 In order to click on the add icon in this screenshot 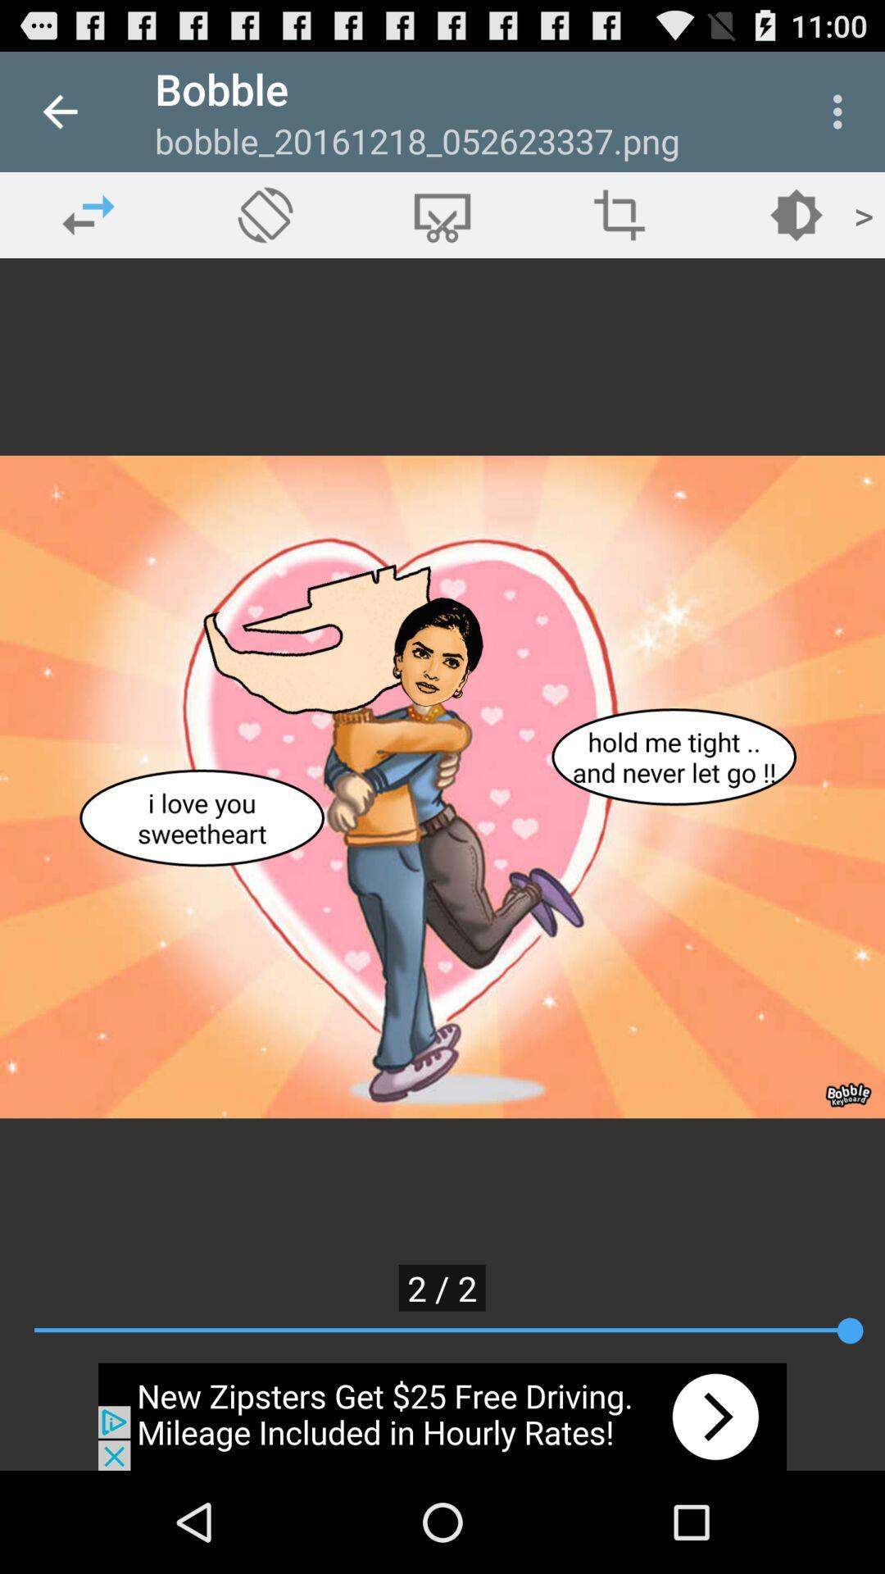, I will do `click(619, 214)`.